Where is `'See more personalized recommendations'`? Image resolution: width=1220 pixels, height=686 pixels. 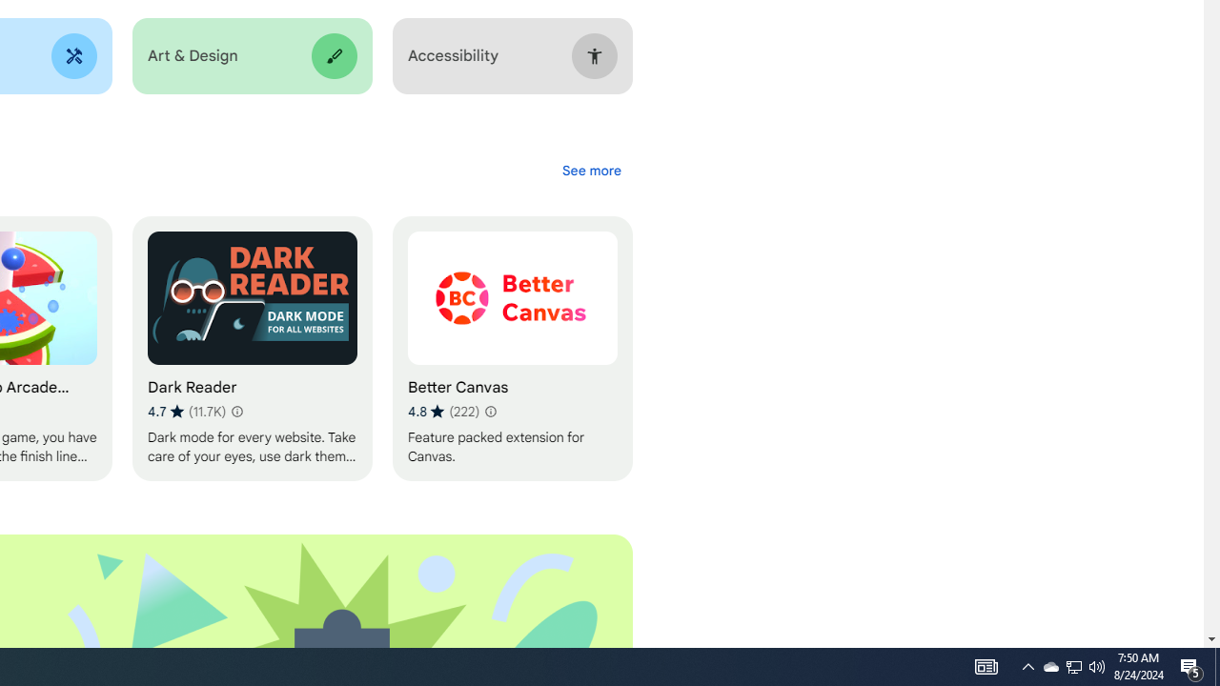
'See more personalized recommendations' is located at coordinates (590, 170).